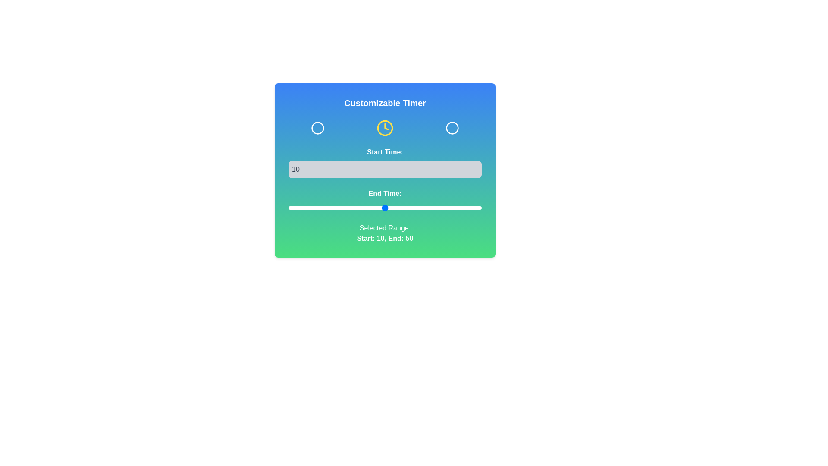  What do you see at coordinates (384, 201) in the screenshot?
I see `and drag the slider handle of the range slider input below 'Start Time:' and above 'Selected Range: Start: 10, End: 50'` at bounding box center [384, 201].